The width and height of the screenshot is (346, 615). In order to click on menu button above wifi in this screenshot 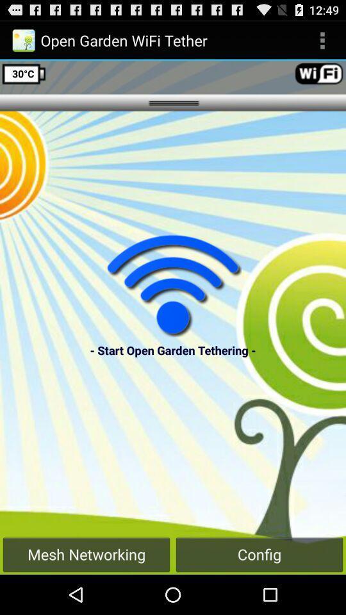, I will do `click(322, 40)`.